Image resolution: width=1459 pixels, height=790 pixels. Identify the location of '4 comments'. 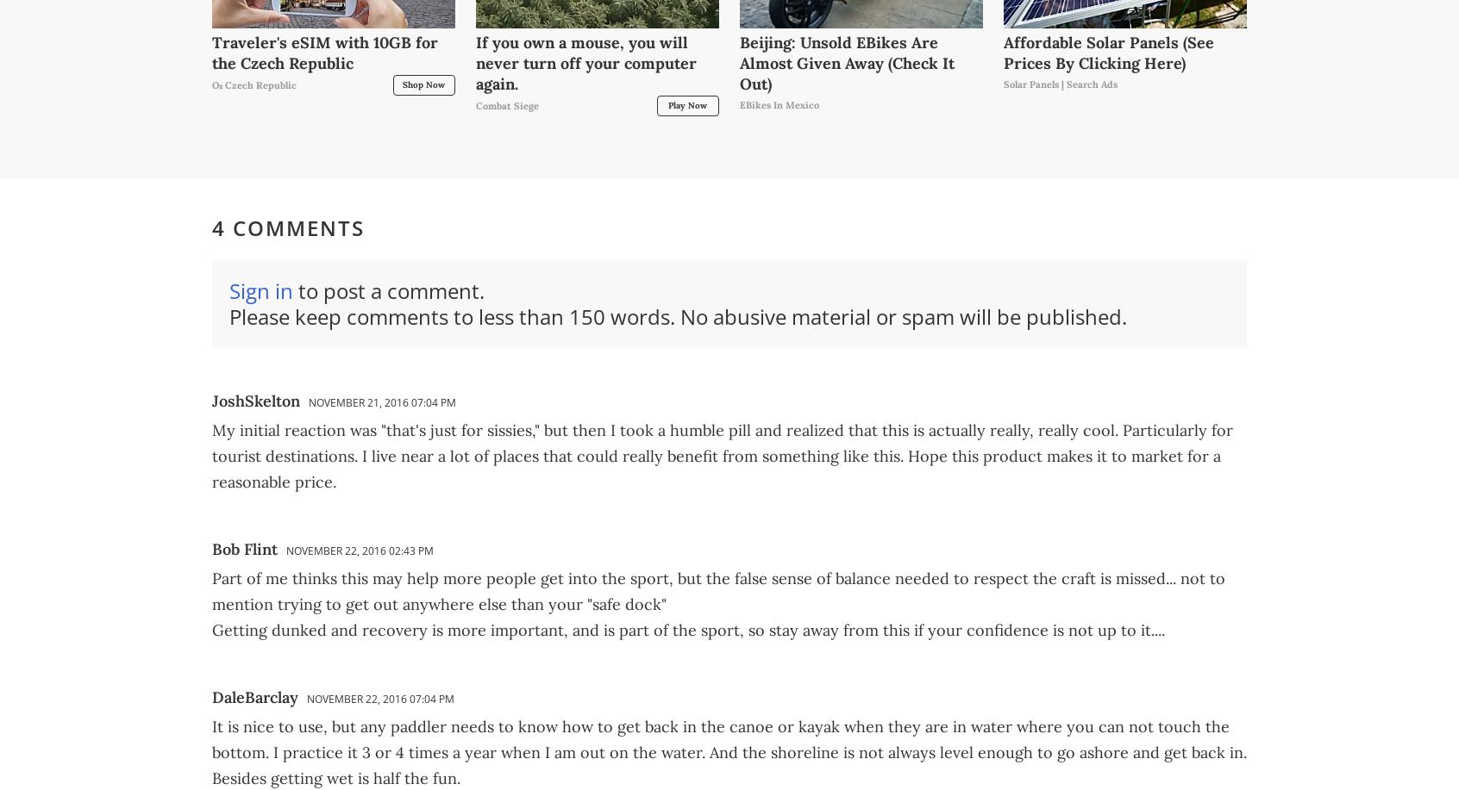
(287, 227).